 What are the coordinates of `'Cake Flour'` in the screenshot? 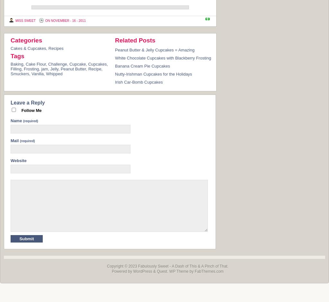 It's located at (25, 63).